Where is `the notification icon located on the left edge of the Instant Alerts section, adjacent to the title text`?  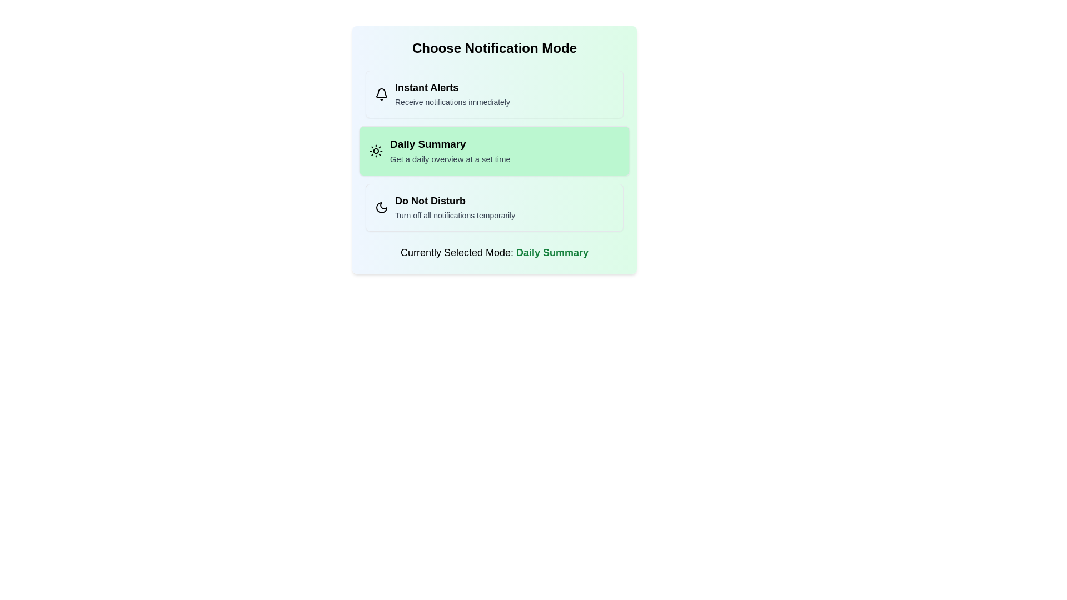 the notification icon located on the left edge of the Instant Alerts section, adjacent to the title text is located at coordinates (381, 93).